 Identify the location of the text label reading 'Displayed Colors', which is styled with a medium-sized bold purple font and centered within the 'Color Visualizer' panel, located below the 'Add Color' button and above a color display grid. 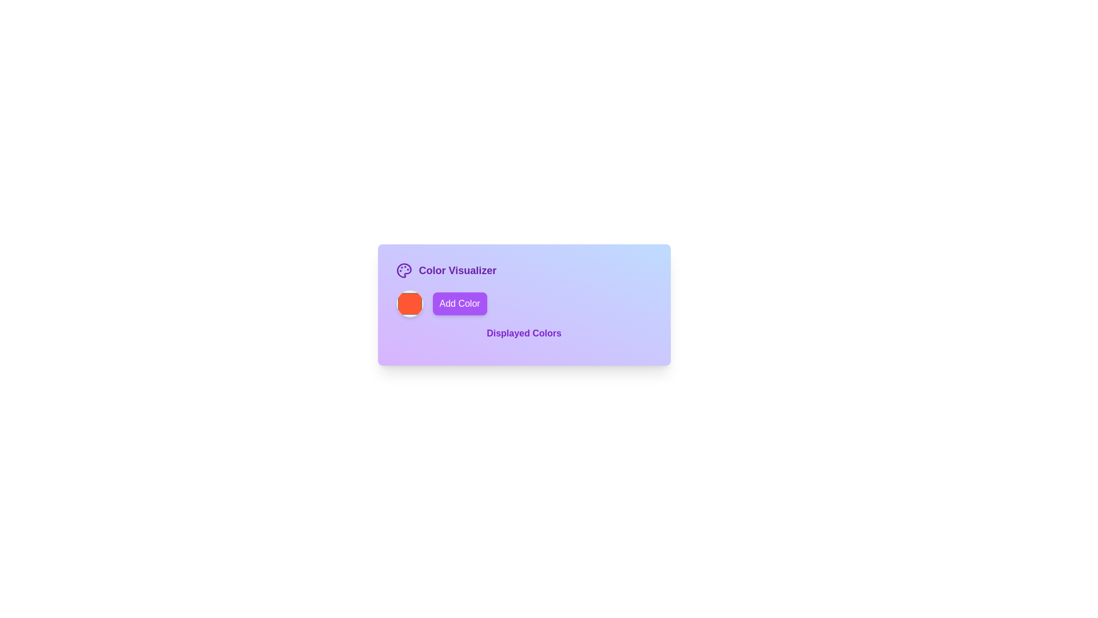
(523, 333).